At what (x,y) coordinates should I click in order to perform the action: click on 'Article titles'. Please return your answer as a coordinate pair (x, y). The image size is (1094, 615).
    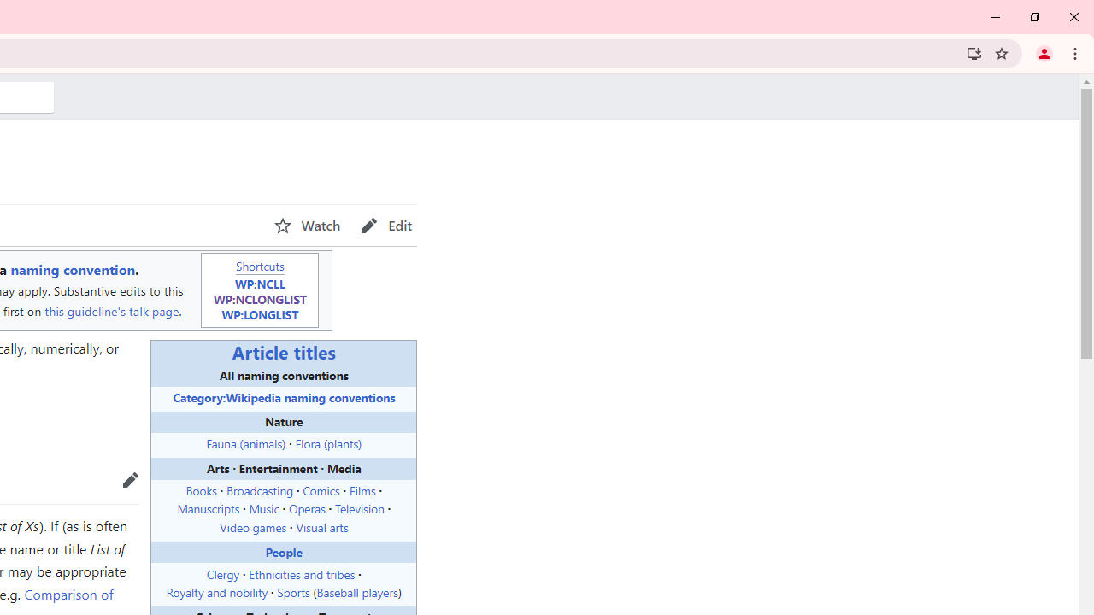
    Looking at the image, I should click on (284, 351).